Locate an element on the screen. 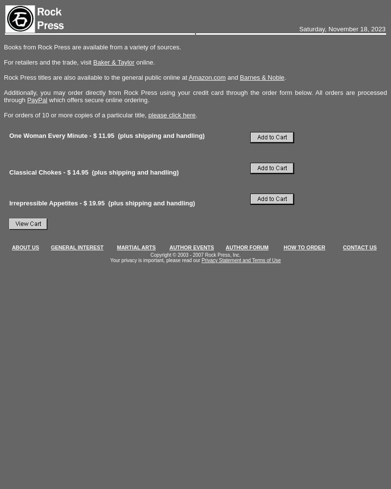 This screenshot has width=391, height=489. 'PayPal' is located at coordinates (37, 99).